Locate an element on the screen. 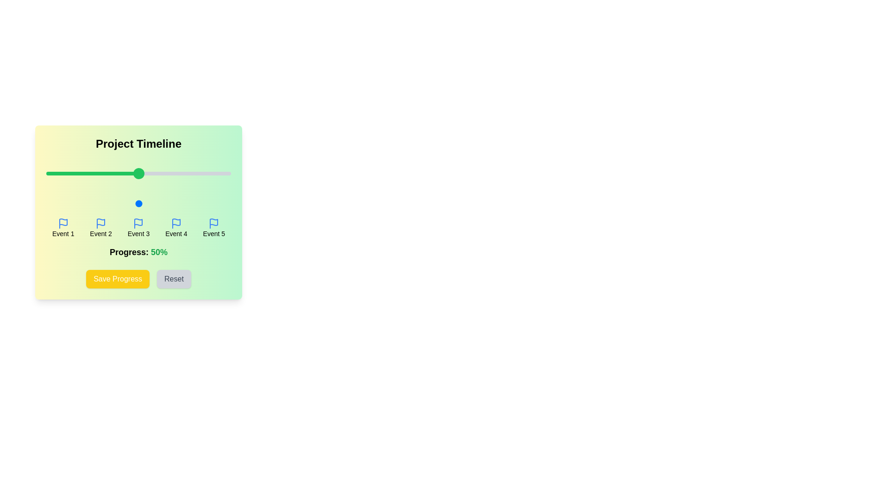 The height and width of the screenshot is (500, 889). the flag icon for Event 2 is located at coordinates (101, 223).